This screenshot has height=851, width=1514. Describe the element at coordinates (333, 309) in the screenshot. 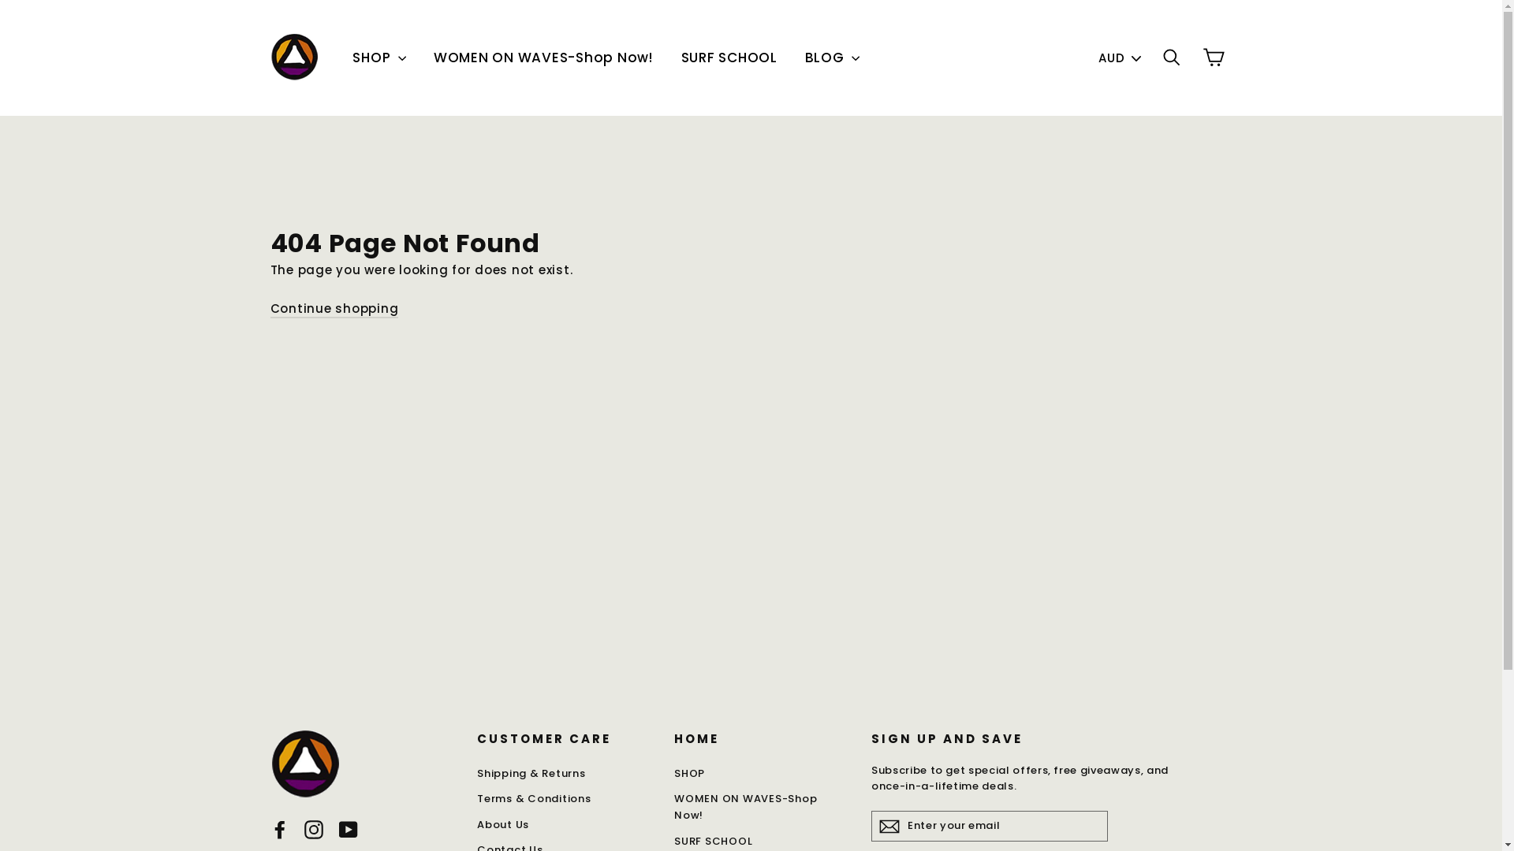

I see `'Continue shopping'` at that location.